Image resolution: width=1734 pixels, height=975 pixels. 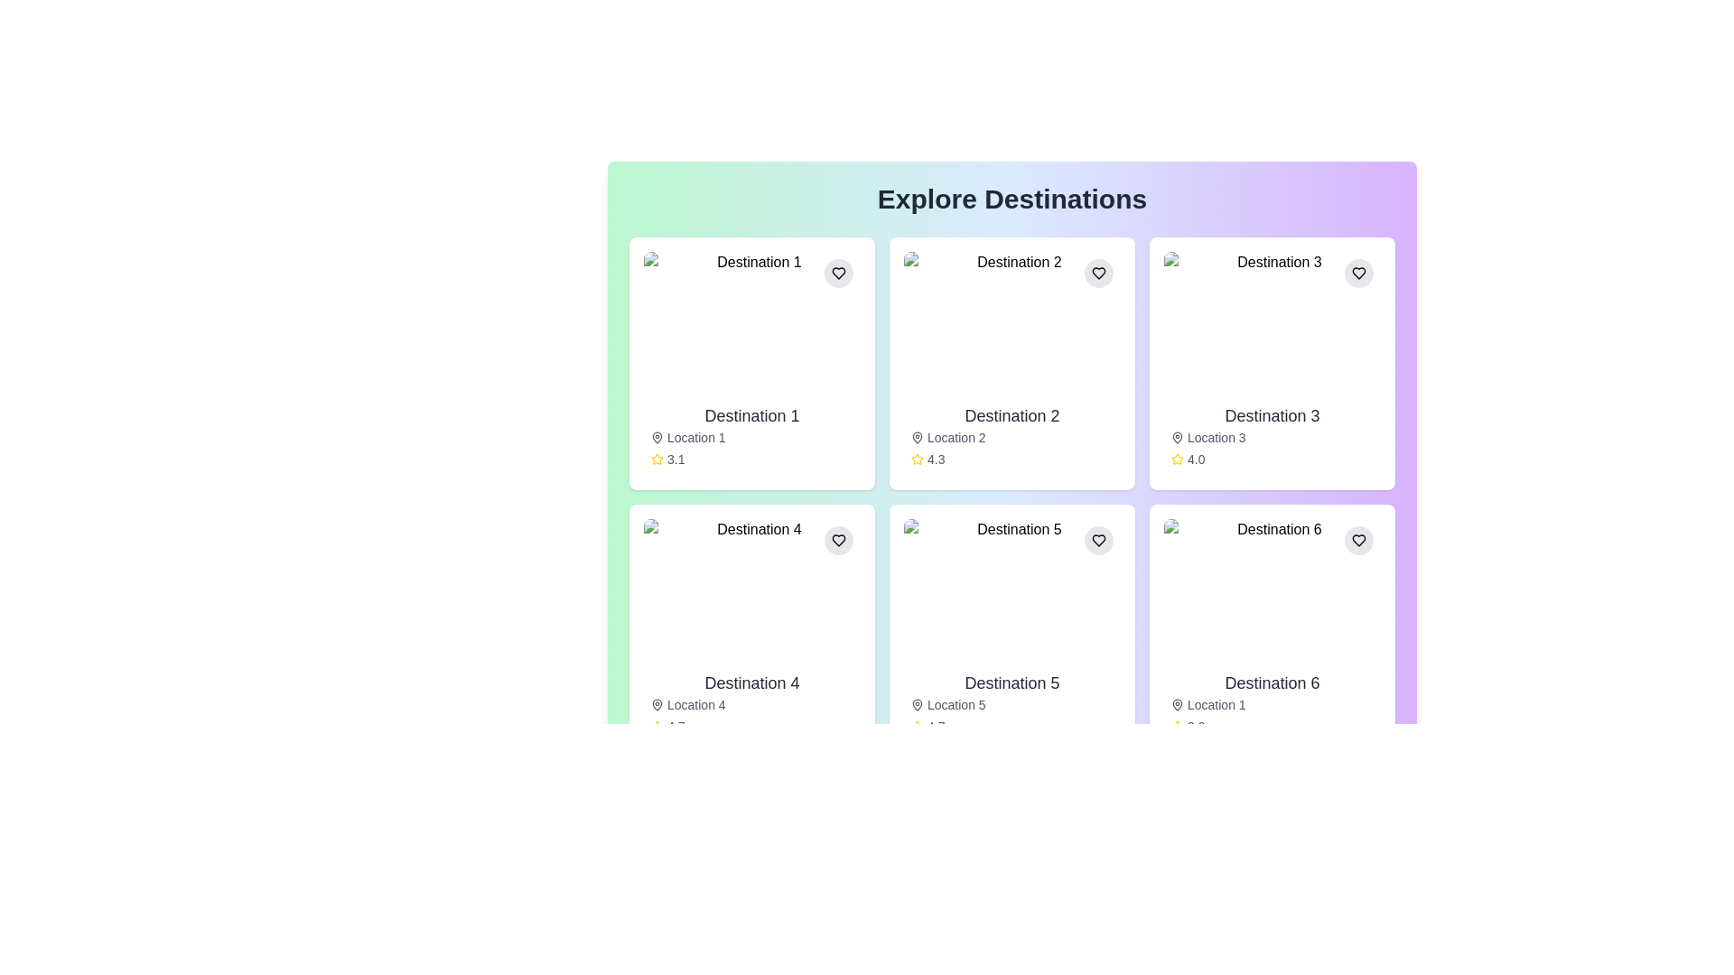 I want to click on the circular button in the top-right corner of the 'Destination 2' card to mark it as a favorite, so click(x=1098, y=274).